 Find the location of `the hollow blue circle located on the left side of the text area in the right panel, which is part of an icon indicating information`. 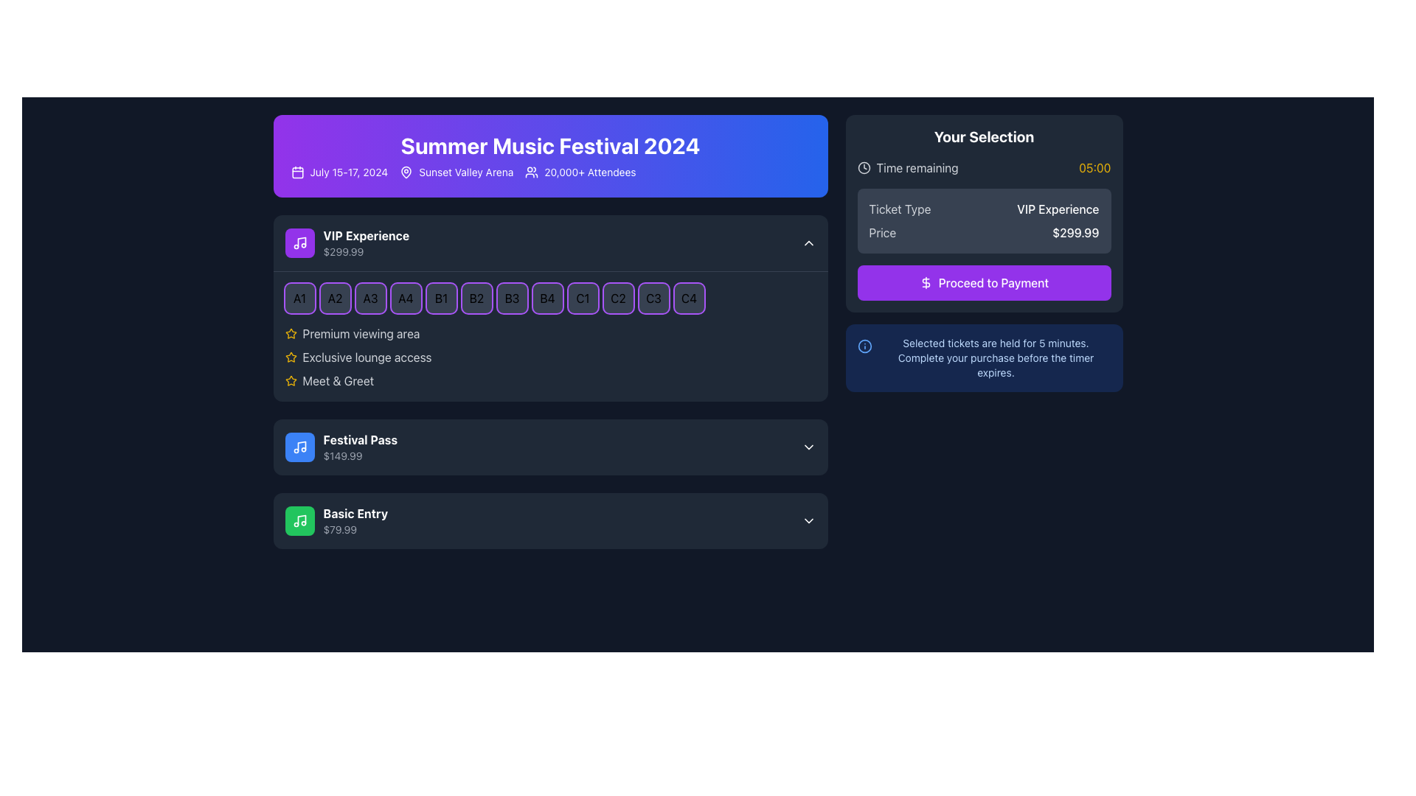

the hollow blue circle located on the left side of the text area in the right panel, which is part of an icon indicating information is located at coordinates (864, 346).